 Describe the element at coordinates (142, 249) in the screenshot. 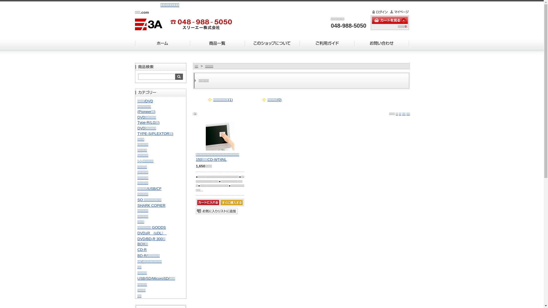

I see `'CD-R'` at that location.